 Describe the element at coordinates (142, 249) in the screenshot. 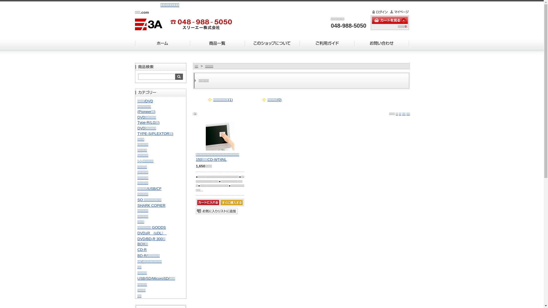

I see `'CD-R'` at that location.